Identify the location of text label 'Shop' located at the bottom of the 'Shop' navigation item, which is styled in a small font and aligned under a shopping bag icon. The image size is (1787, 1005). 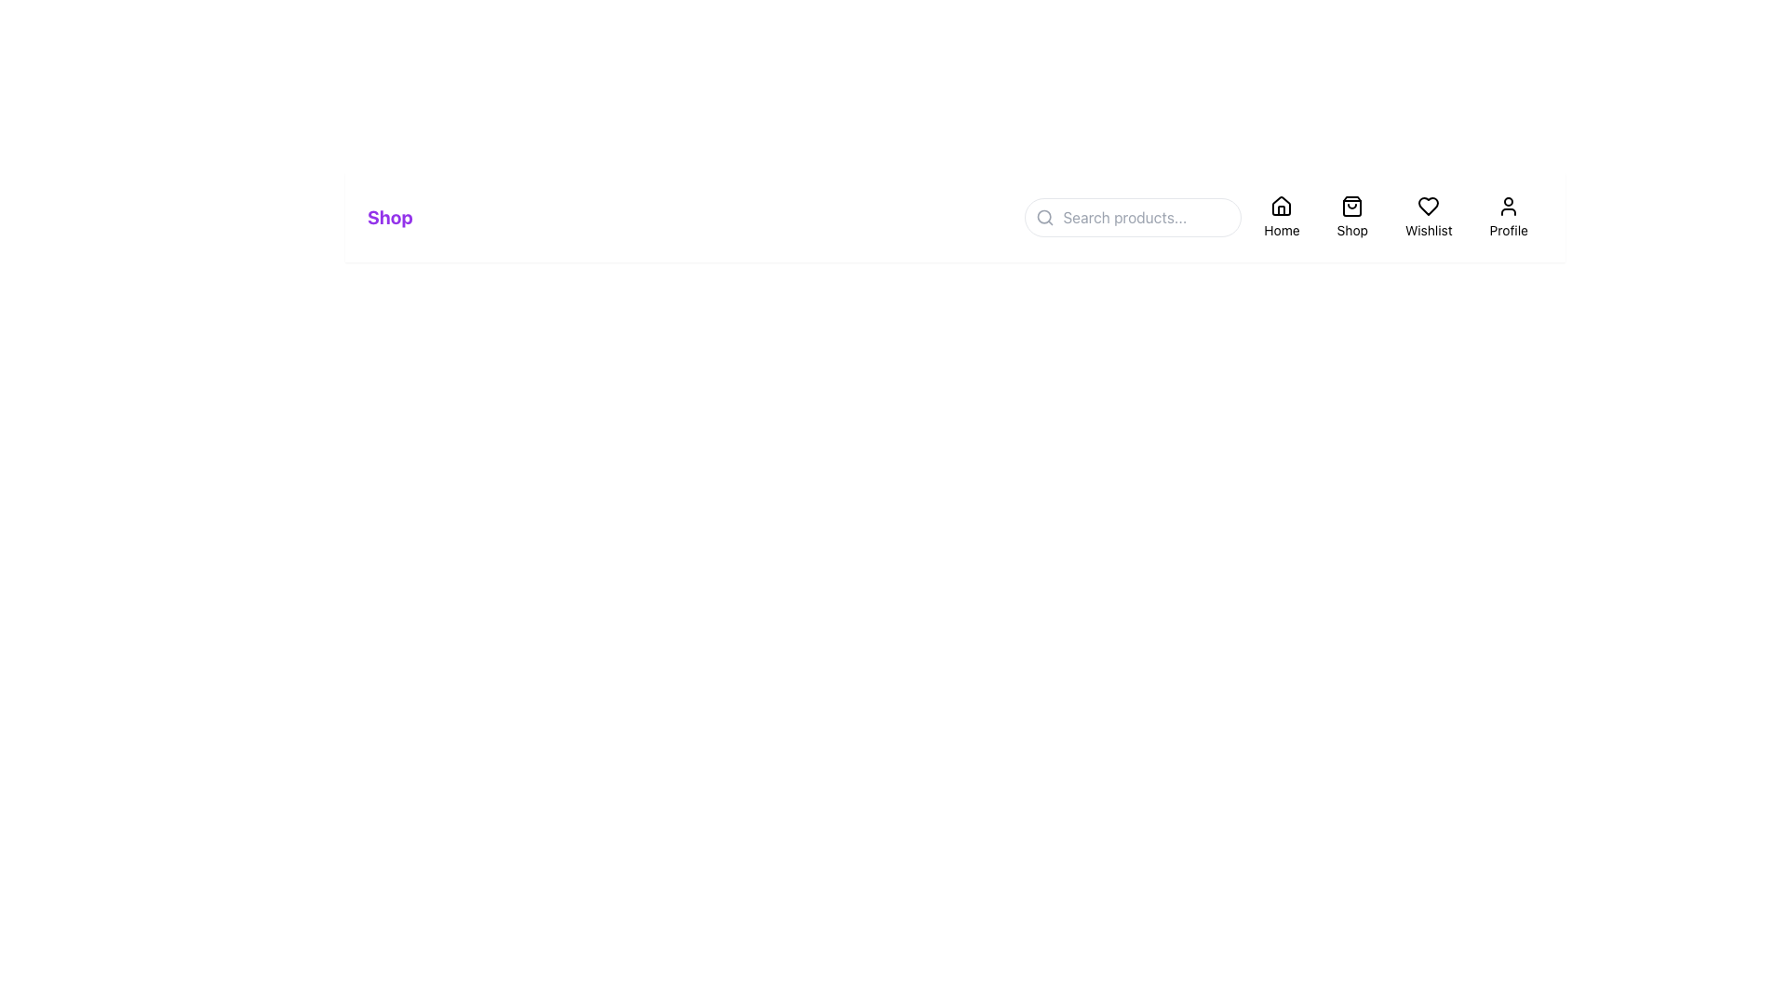
(1352, 229).